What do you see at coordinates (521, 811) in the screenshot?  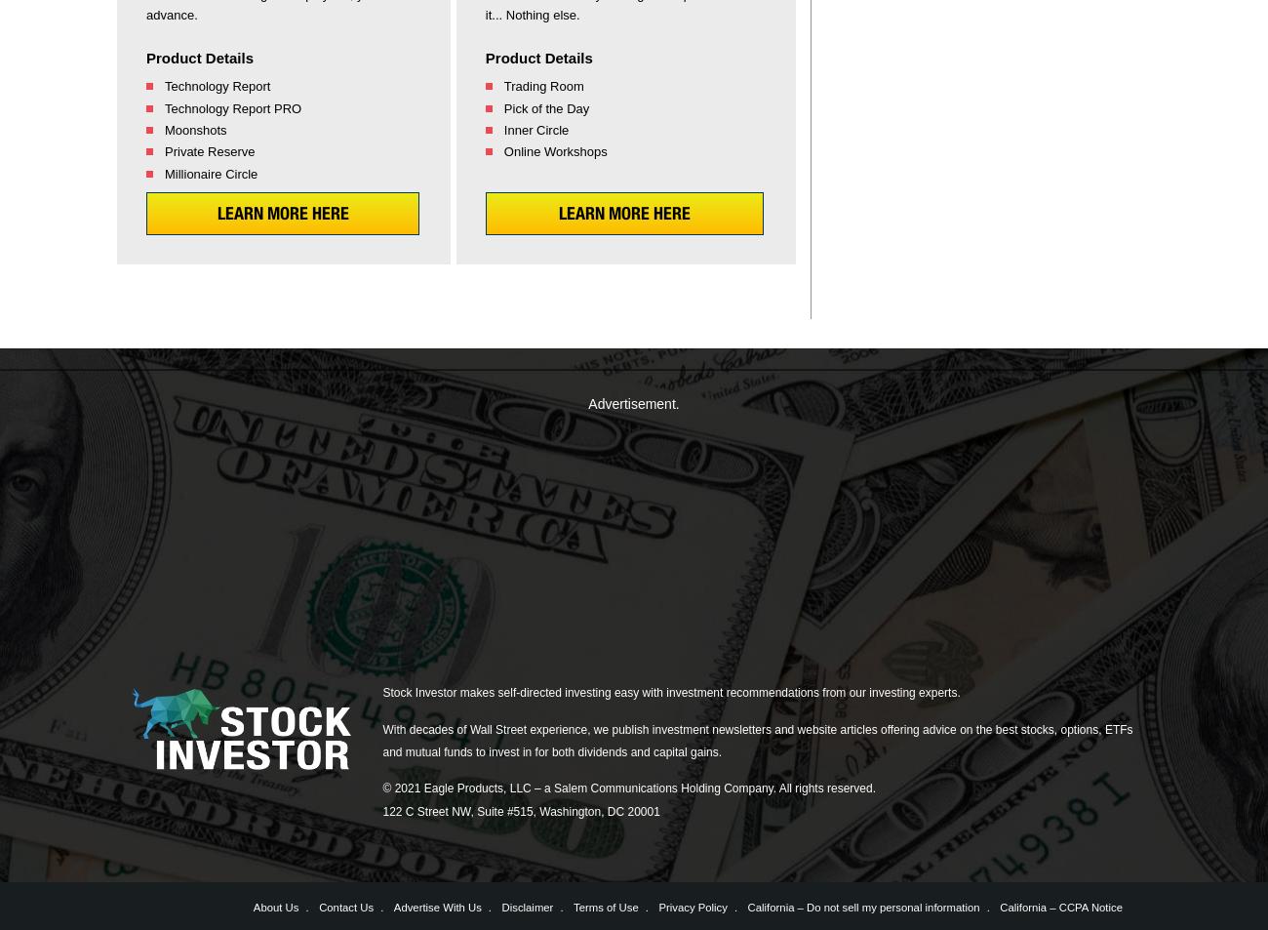 I see `'122 C Street NW, Suite #515, Washington, DC 20001'` at bounding box center [521, 811].